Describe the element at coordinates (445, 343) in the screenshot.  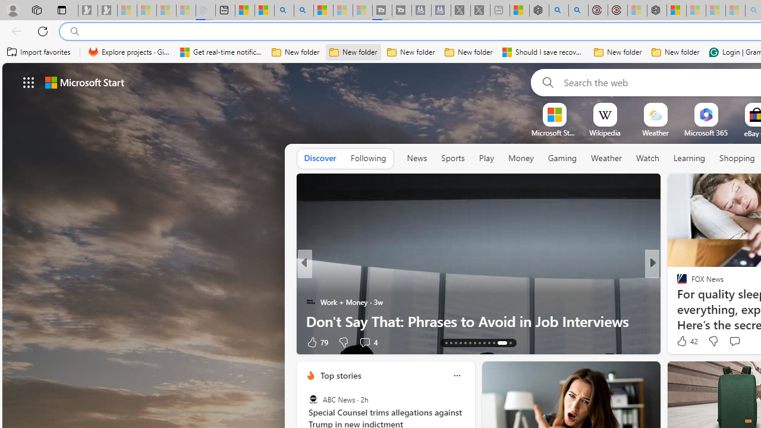
I see `'AutomationID: tab-13'` at that location.